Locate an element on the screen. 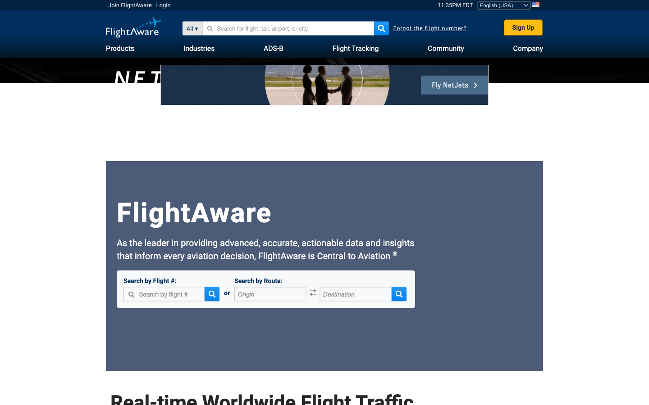 The image size is (649, 405). the flight search interface and use keyboard strokes to enter "Pittsburgh" in the departure city field and "JFK" in the arrival city field is located at coordinates (270, 295).